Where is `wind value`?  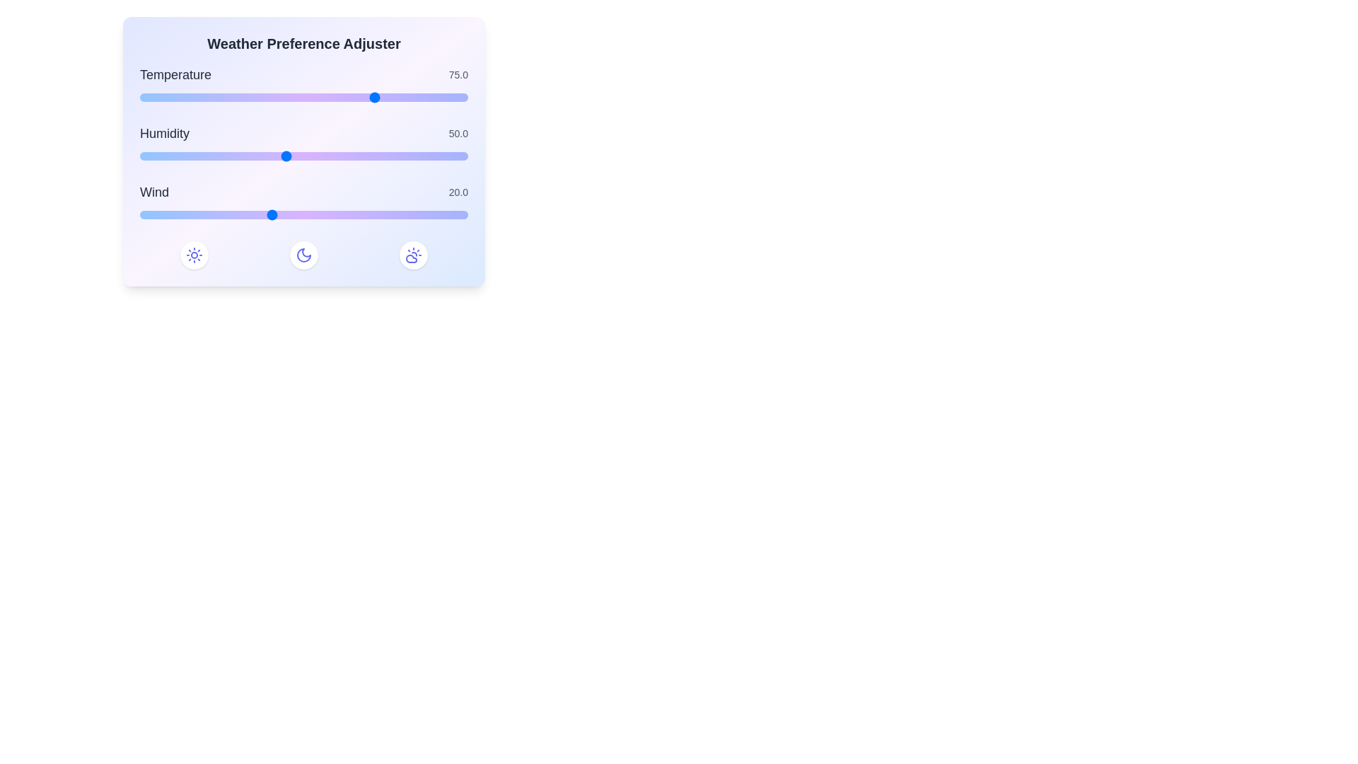 wind value is located at coordinates (231, 215).